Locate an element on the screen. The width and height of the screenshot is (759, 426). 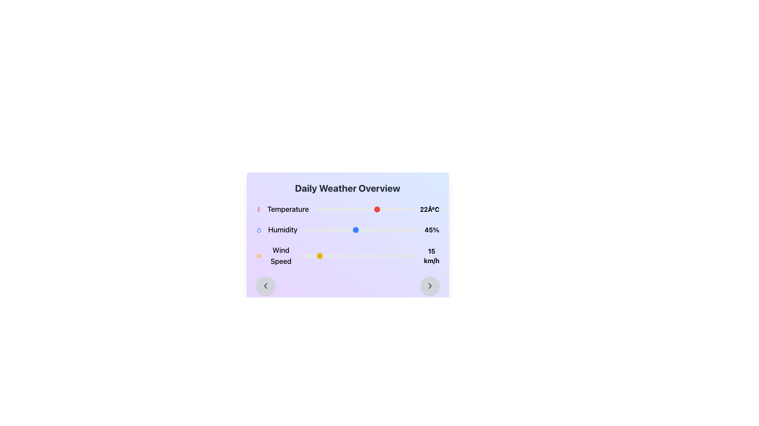
the red thermometer icon with rounded edges, which represents the temperature reading at the start of the row in the weather overview card is located at coordinates (258, 209).